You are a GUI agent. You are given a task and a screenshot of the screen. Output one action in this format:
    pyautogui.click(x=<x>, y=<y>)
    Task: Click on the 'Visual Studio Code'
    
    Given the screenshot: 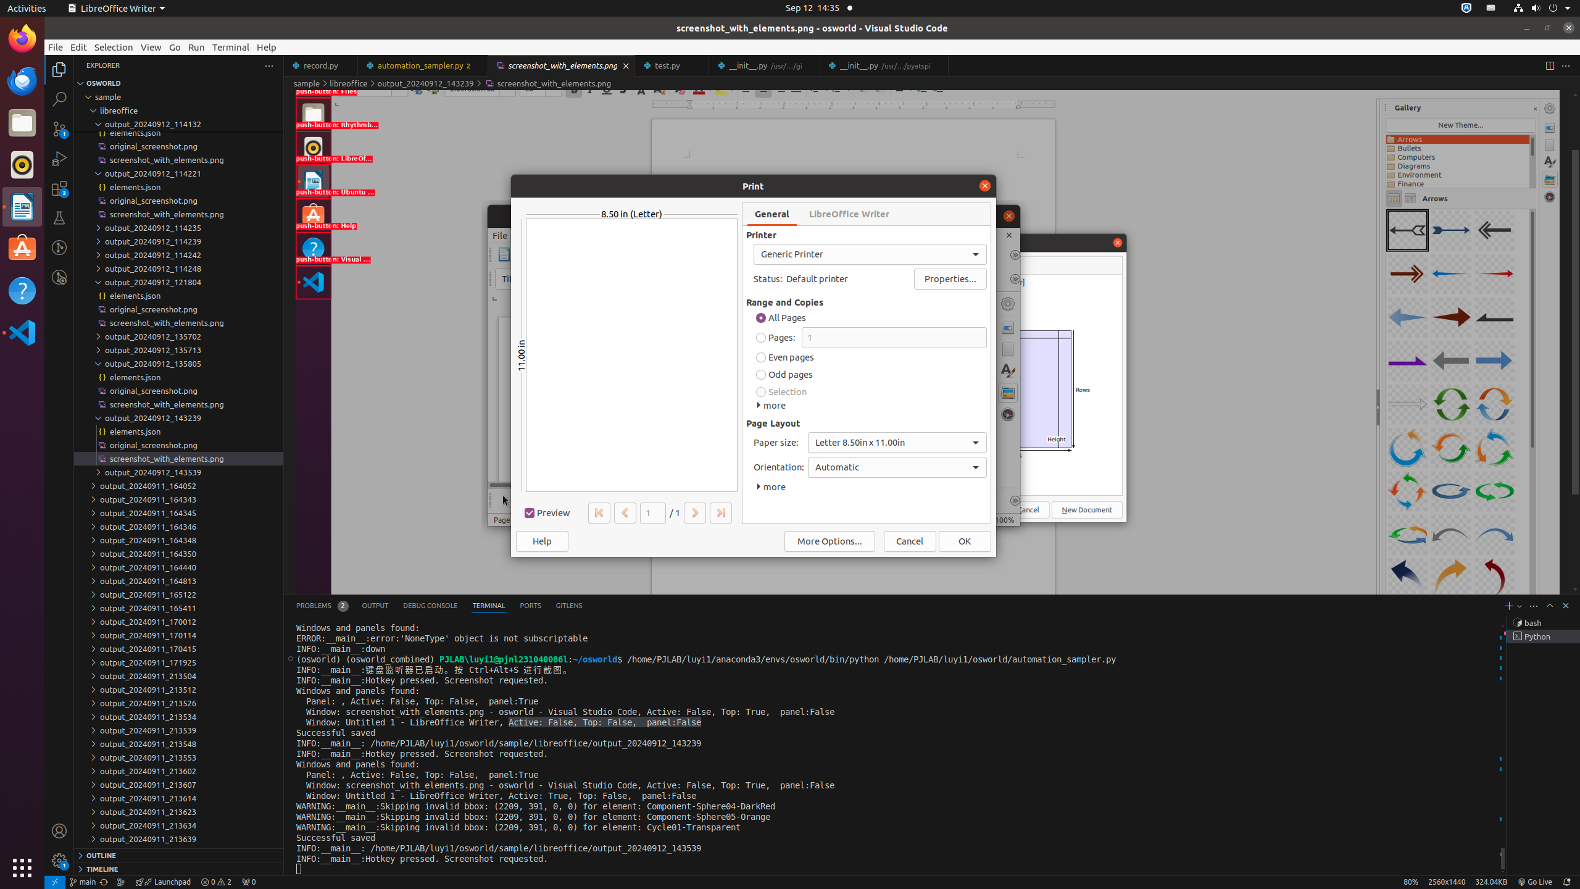 What is the action you would take?
    pyautogui.click(x=22, y=332)
    